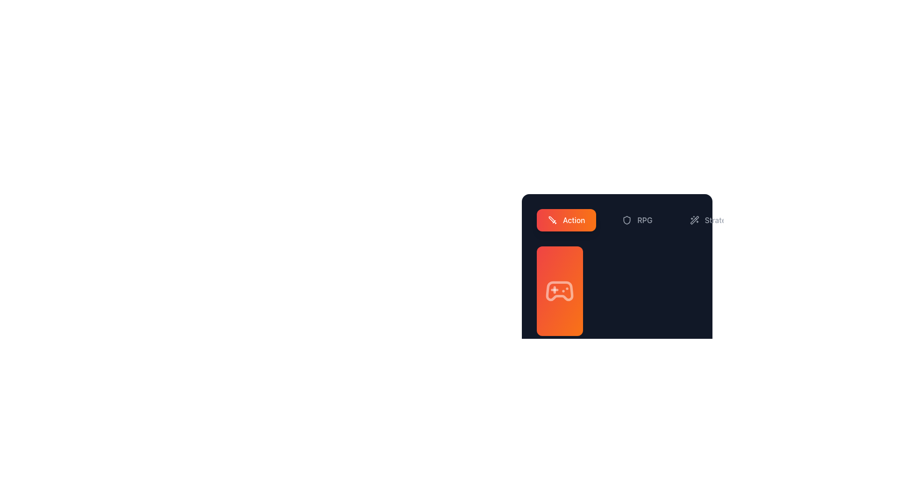 The image size is (897, 504). I want to click on the SVG icon representing the 'Strategy' option, so click(694, 220).